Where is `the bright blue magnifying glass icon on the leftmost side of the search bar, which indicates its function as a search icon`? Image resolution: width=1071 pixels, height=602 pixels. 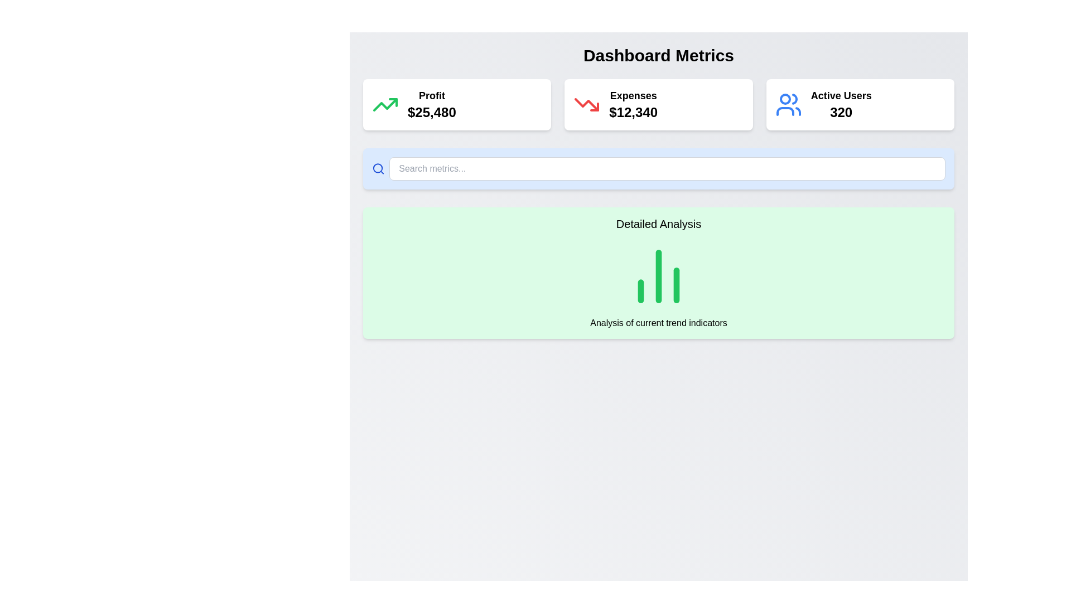 the bright blue magnifying glass icon on the leftmost side of the search bar, which indicates its function as a search icon is located at coordinates (378, 169).